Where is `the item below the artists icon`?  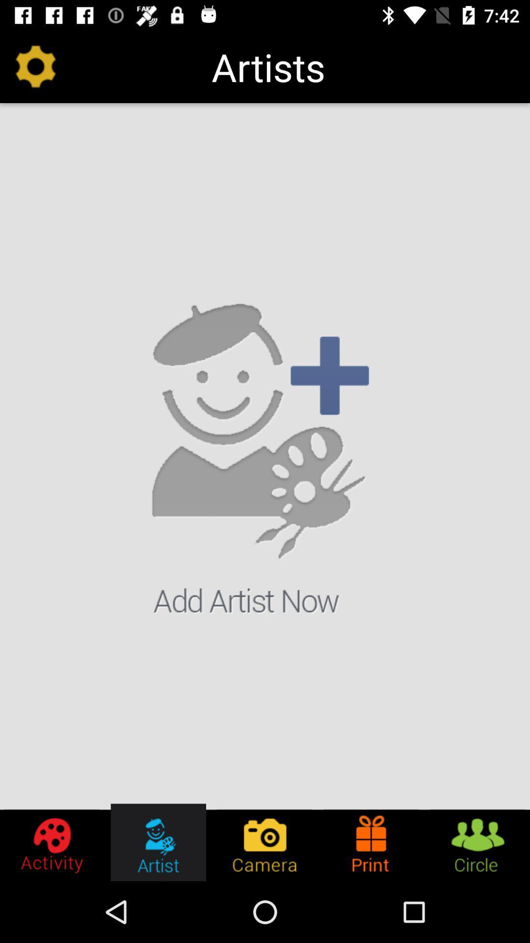
the item below the artists icon is located at coordinates (265, 457).